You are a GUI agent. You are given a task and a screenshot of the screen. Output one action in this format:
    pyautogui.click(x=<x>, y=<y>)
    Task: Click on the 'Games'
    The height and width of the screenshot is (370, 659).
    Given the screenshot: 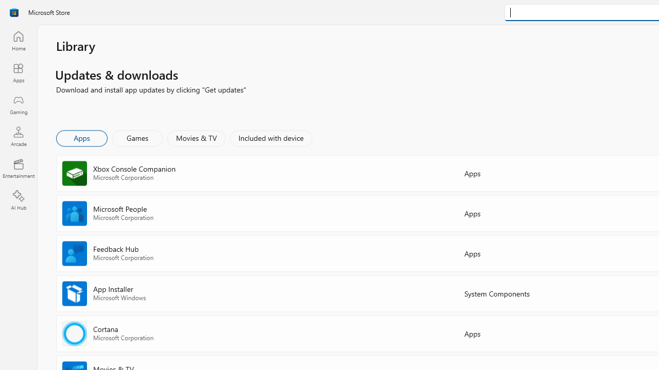 What is the action you would take?
    pyautogui.click(x=137, y=137)
    